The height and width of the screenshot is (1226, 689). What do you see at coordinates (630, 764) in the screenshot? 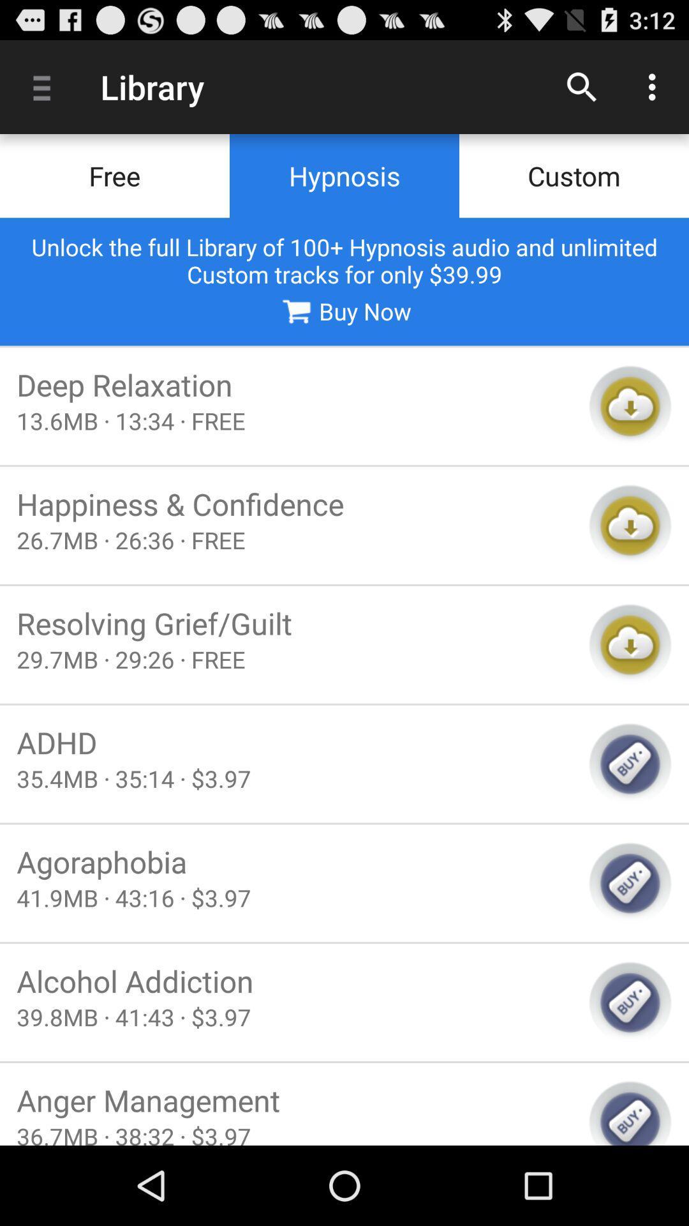
I see `buy track` at bounding box center [630, 764].